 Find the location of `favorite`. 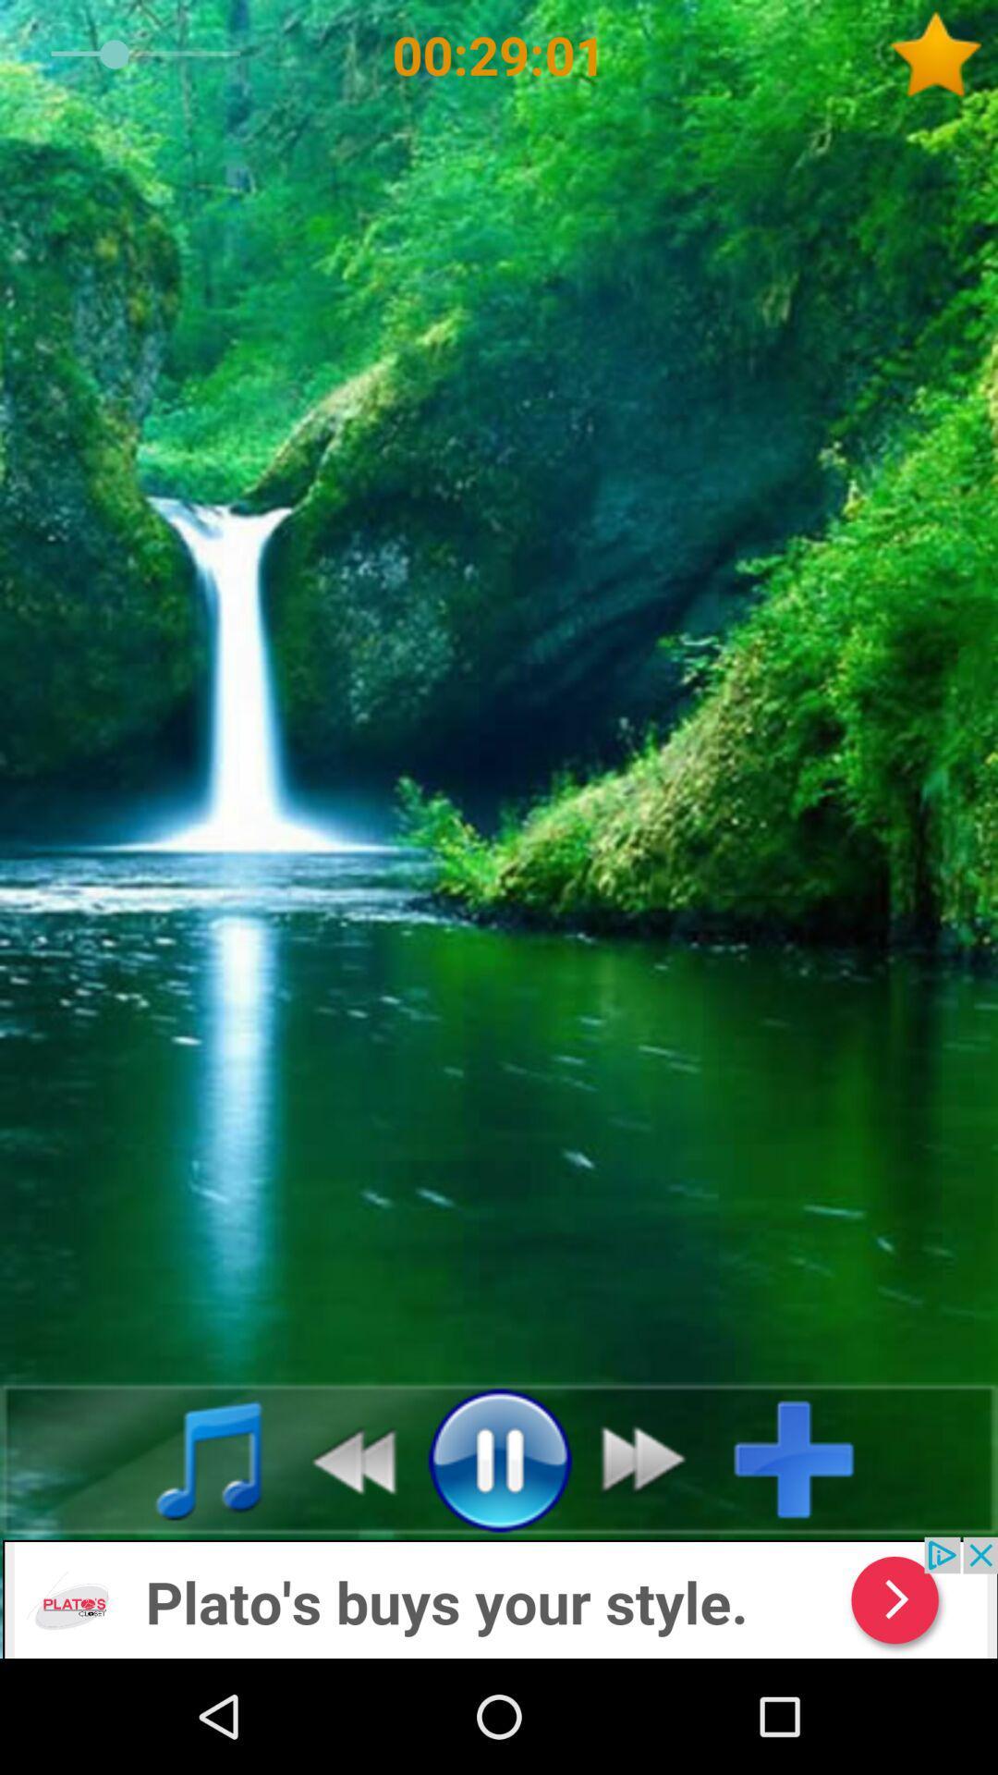

favorite is located at coordinates (943, 55).